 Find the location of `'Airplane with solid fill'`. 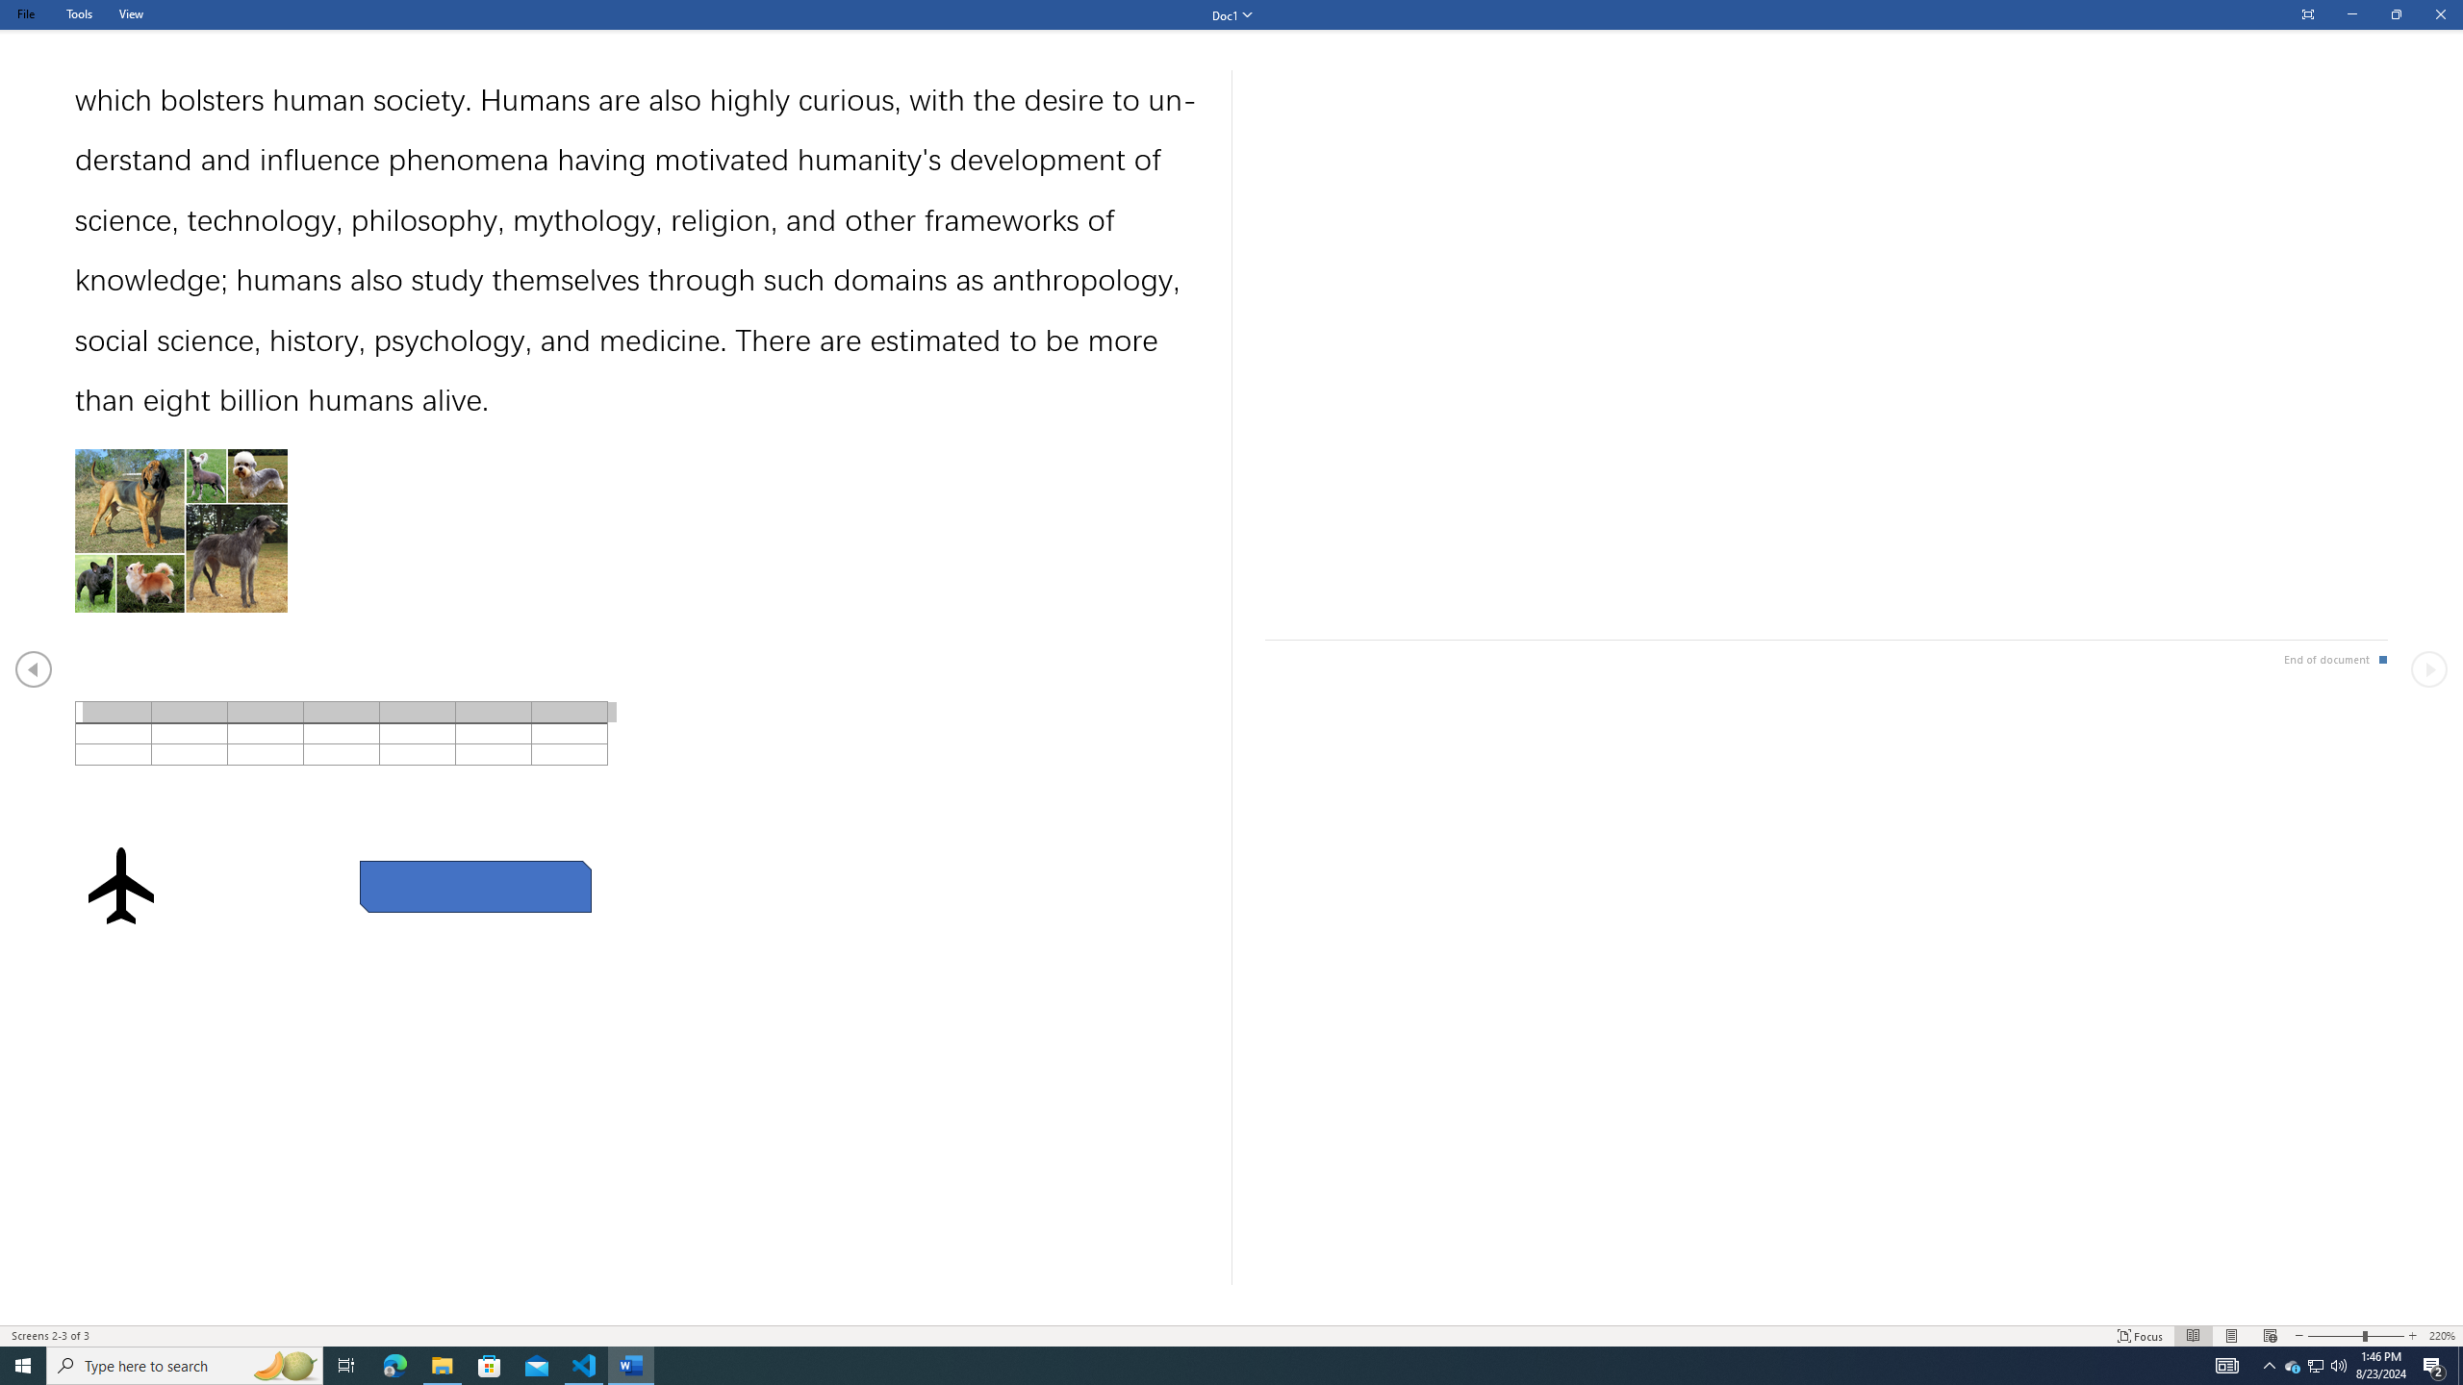

'Airplane with solid fill' is located at coordinates (120, 884).